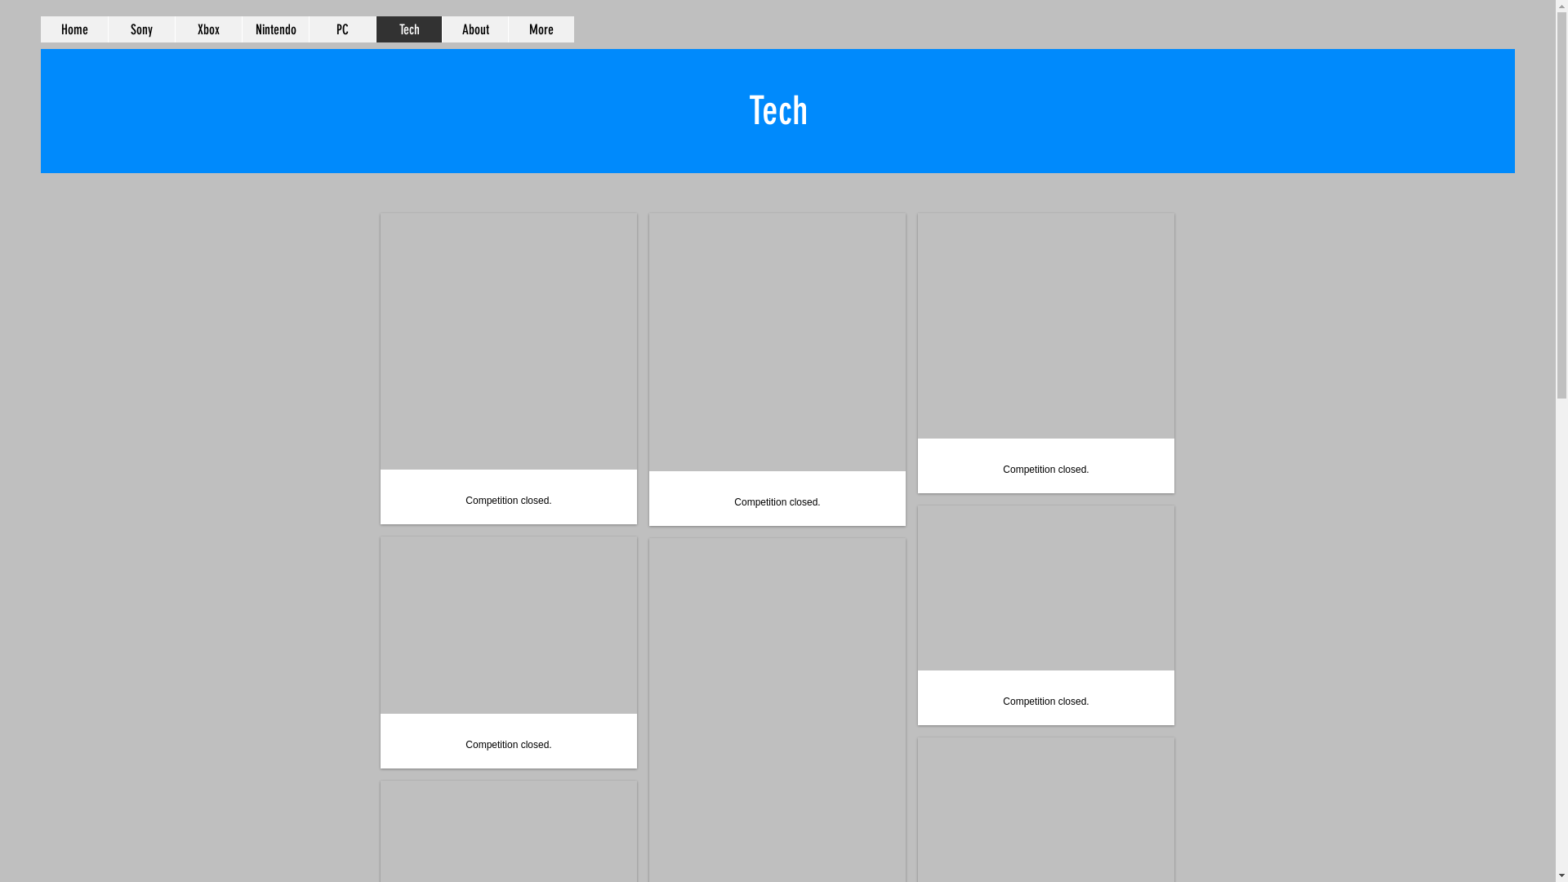  Describe the element at coordinates (474, 29) in the screenshot. I see `'About'` at that location.